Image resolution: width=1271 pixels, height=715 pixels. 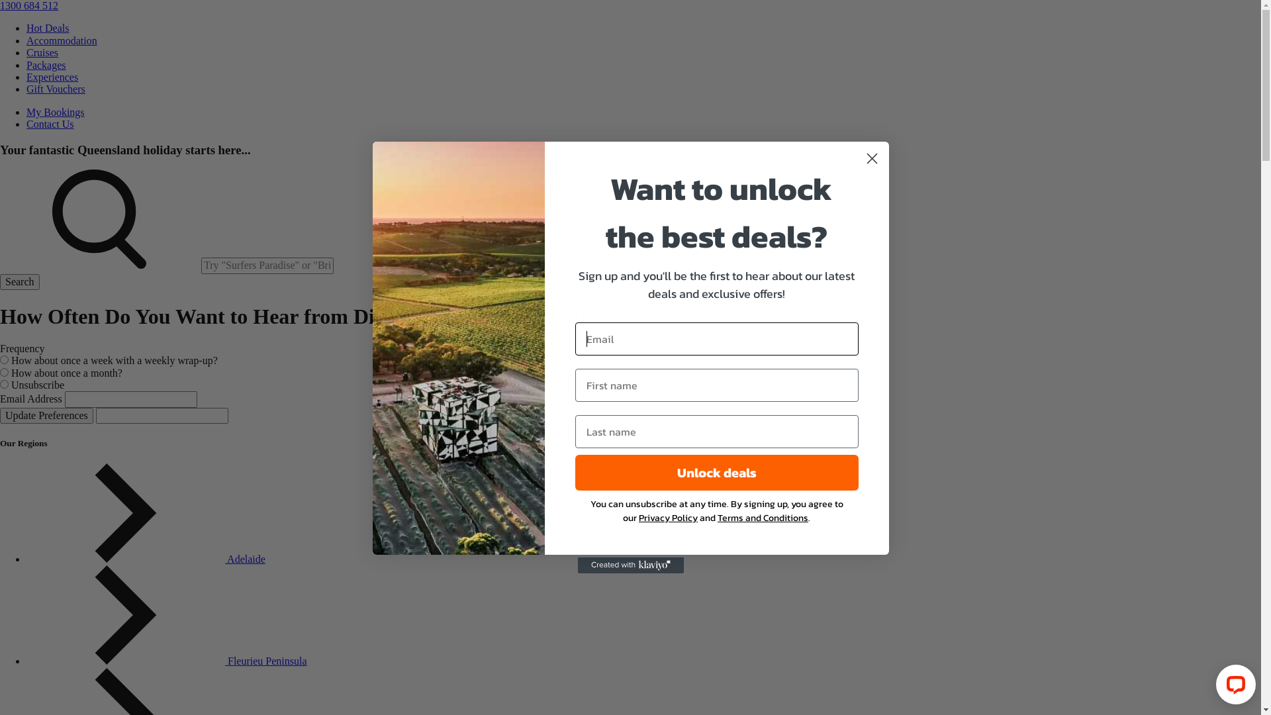 What do you see at coordinates (46, 415) in the screenshot?
I see `'Update Preferences'` at bounding box center [46, 415].